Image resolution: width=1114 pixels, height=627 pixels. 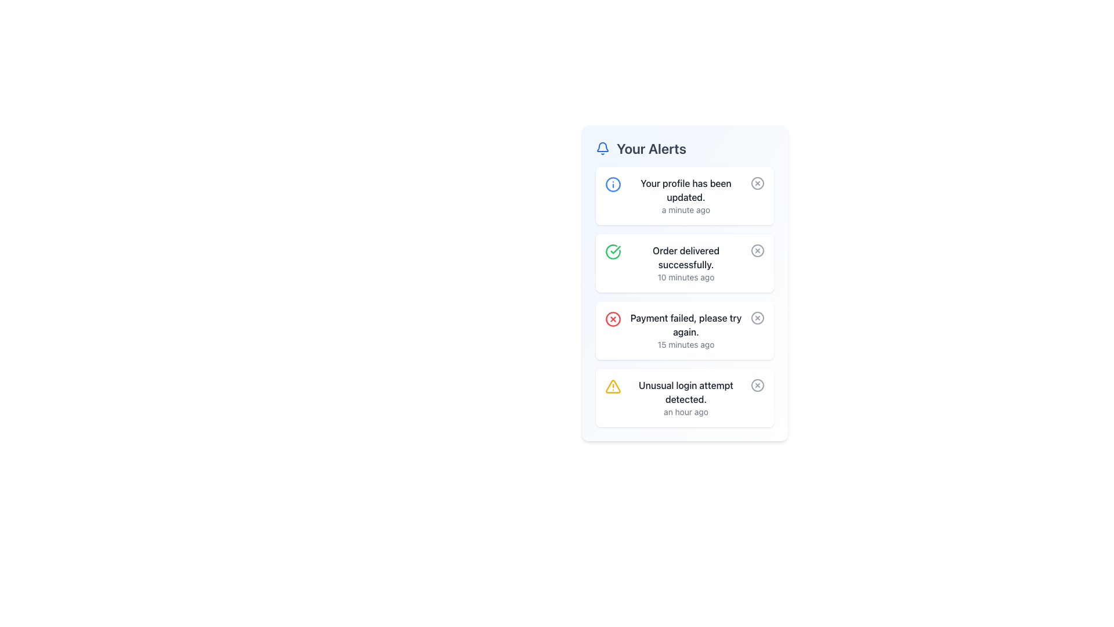 I want to click on the textual notification message that reads 'Your profile has been updated.' which is styled with a medium font weight and dark gray color, located at the top of the 'Your Alerts' section, so click(x=686, y=189).